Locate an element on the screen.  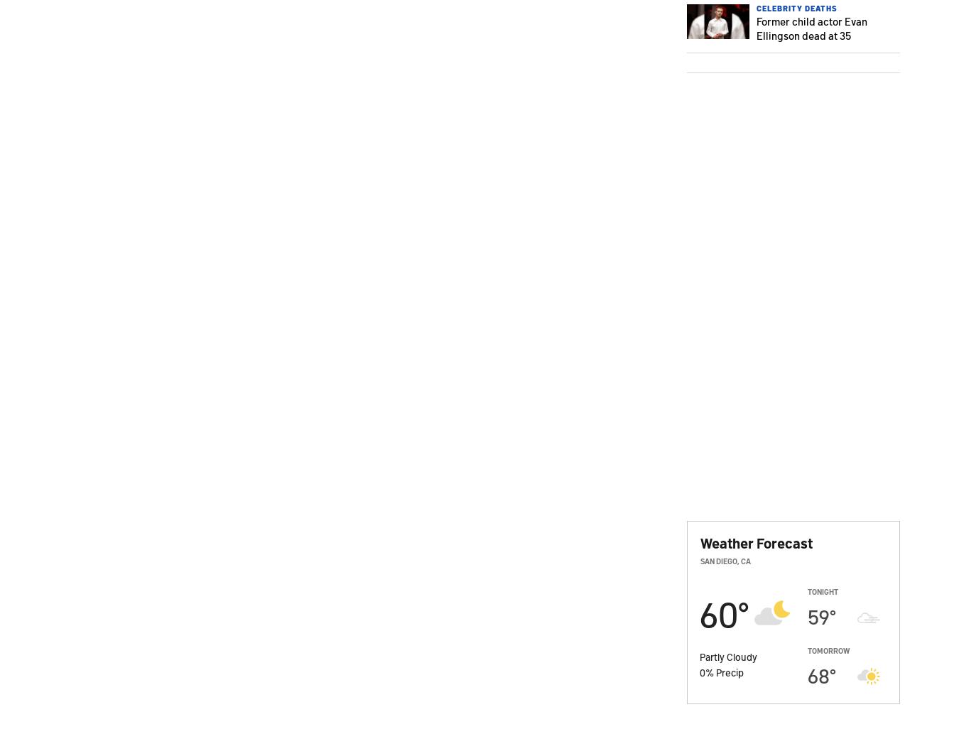
'Precip' is located at coordinates (730, 671).